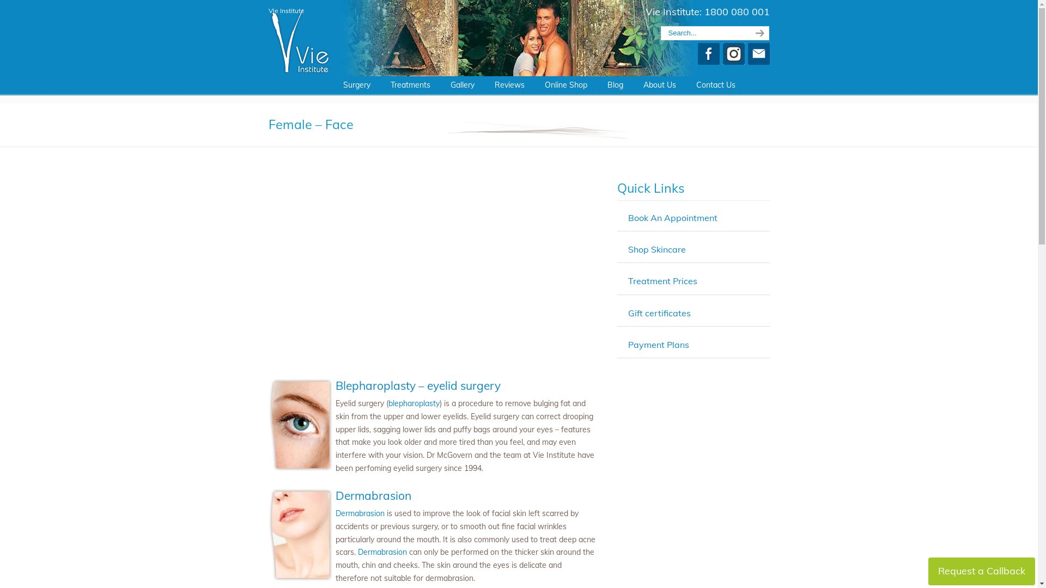 The height and width of the screenshot is (588, 1046). Describe the element at coordinates (632, 84) in the screenshot. I see `'About Us'` at that location.